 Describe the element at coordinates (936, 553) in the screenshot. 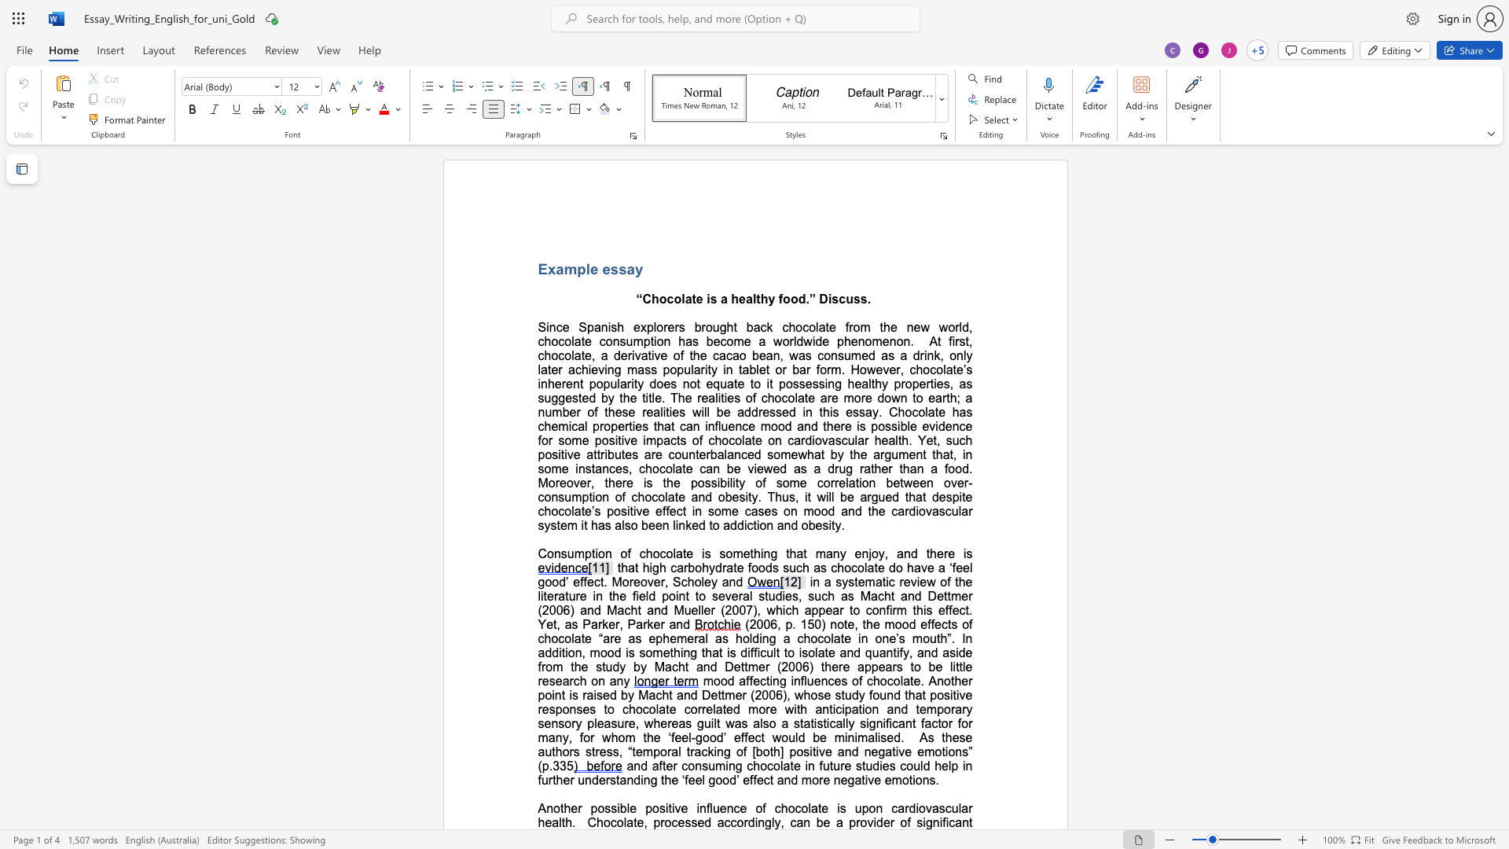

I see `the space between the continuous character "h" and "e" in the text` at that location.